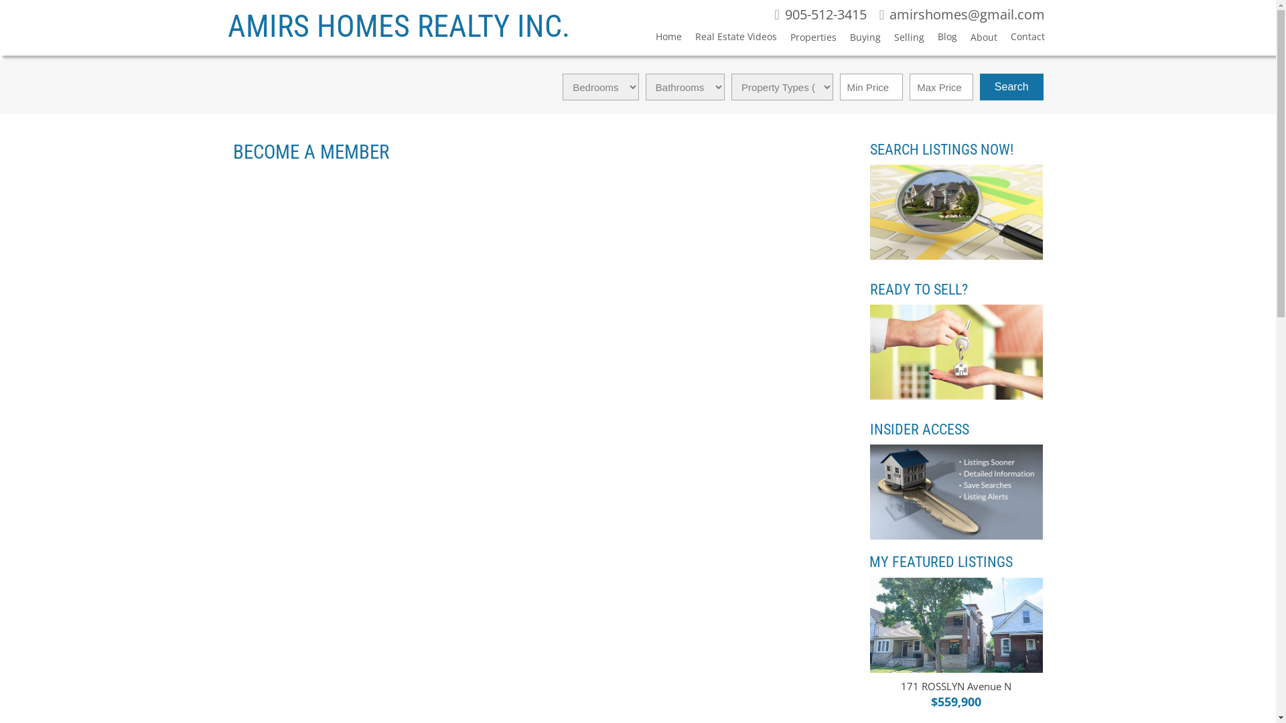 This screenshot has height=723, width=1286. What do you see at coordinates (806, 39) in the screenshot?
I see `'Properties'` at bounding box center [806, 39].